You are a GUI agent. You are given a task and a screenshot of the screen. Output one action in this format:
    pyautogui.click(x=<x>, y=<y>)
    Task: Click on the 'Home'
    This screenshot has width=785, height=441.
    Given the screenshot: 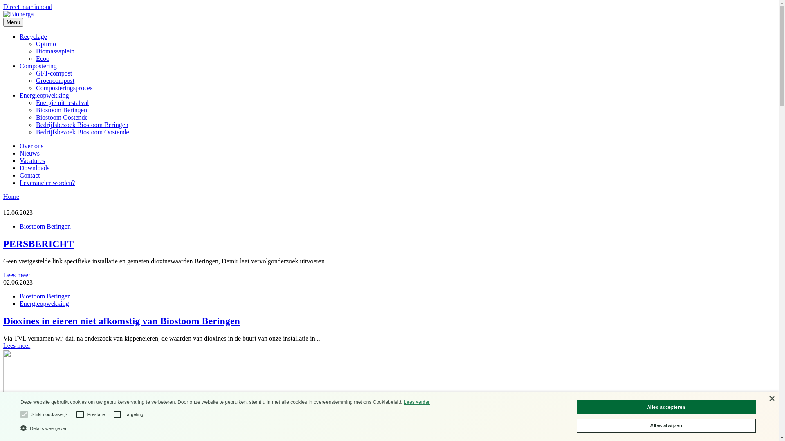 What is the action you would take?
    pyautogui.click(x=11, y=196)
    